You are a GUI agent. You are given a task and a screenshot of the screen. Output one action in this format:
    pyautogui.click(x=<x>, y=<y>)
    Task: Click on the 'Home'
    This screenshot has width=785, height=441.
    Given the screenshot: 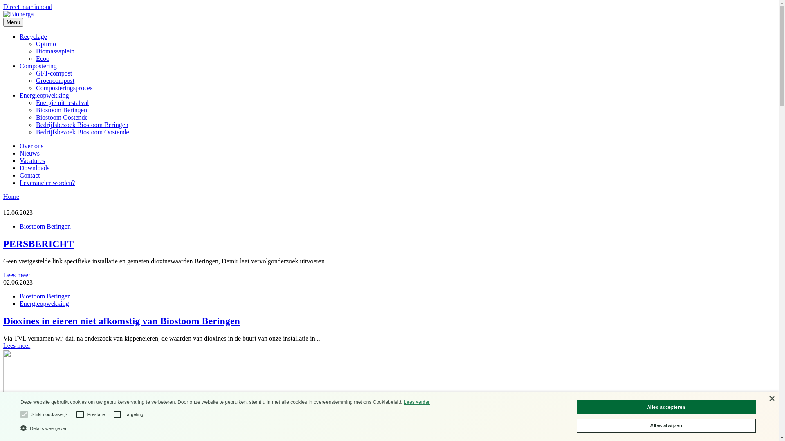 What is the action you would take?
    pyautogui.click(x=11, y=196)
    